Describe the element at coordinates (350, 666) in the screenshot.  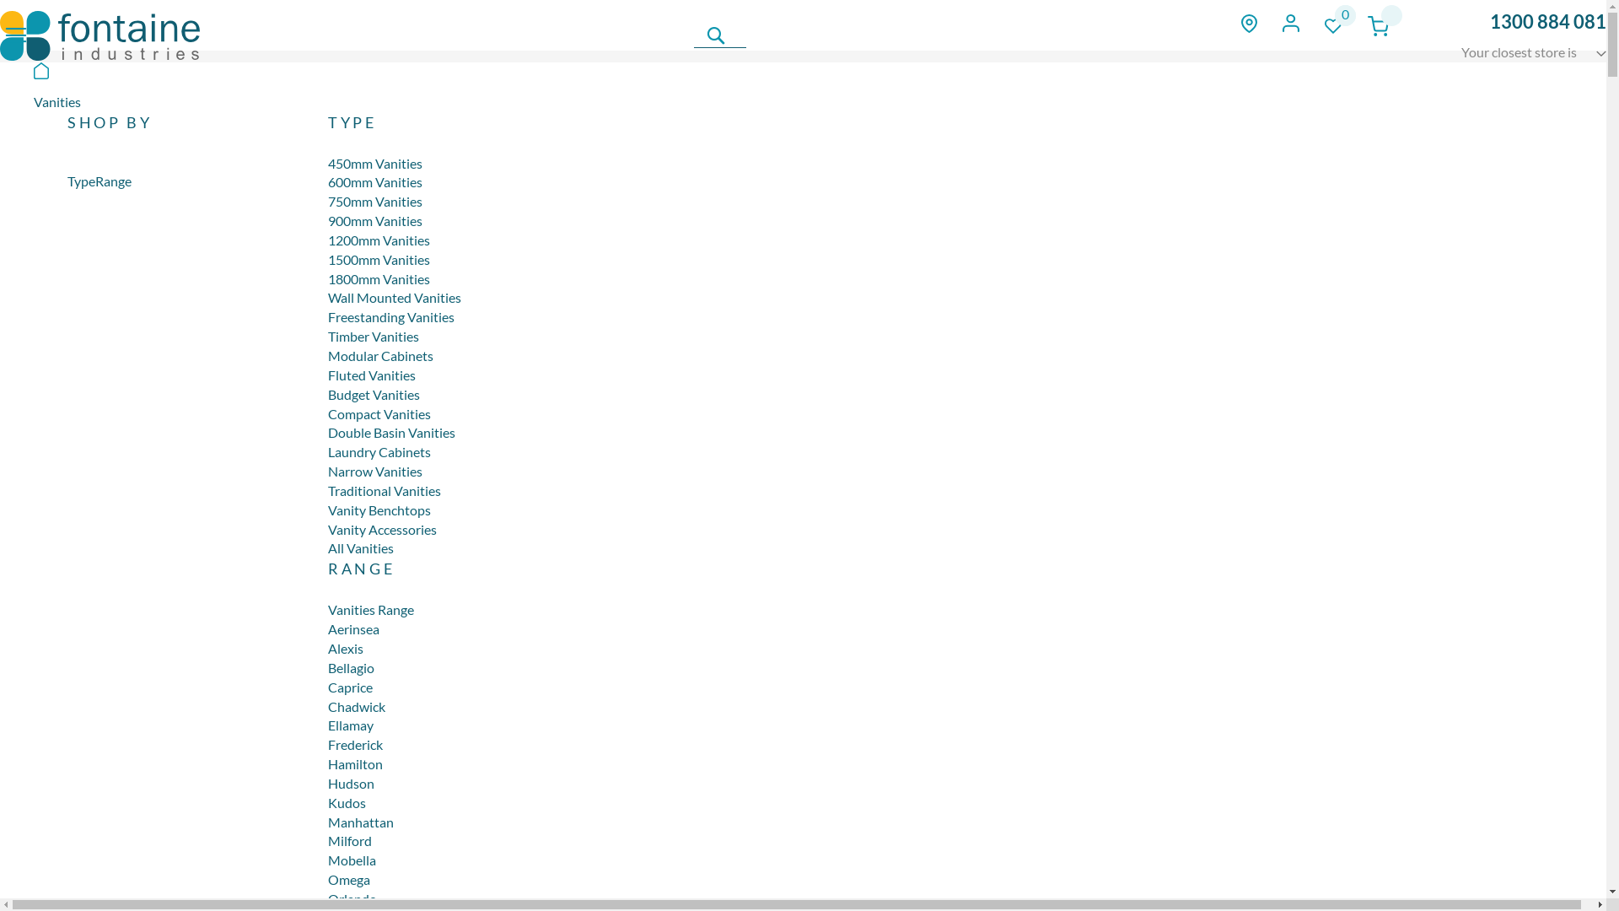
I see `'Bellagio'` at that location.